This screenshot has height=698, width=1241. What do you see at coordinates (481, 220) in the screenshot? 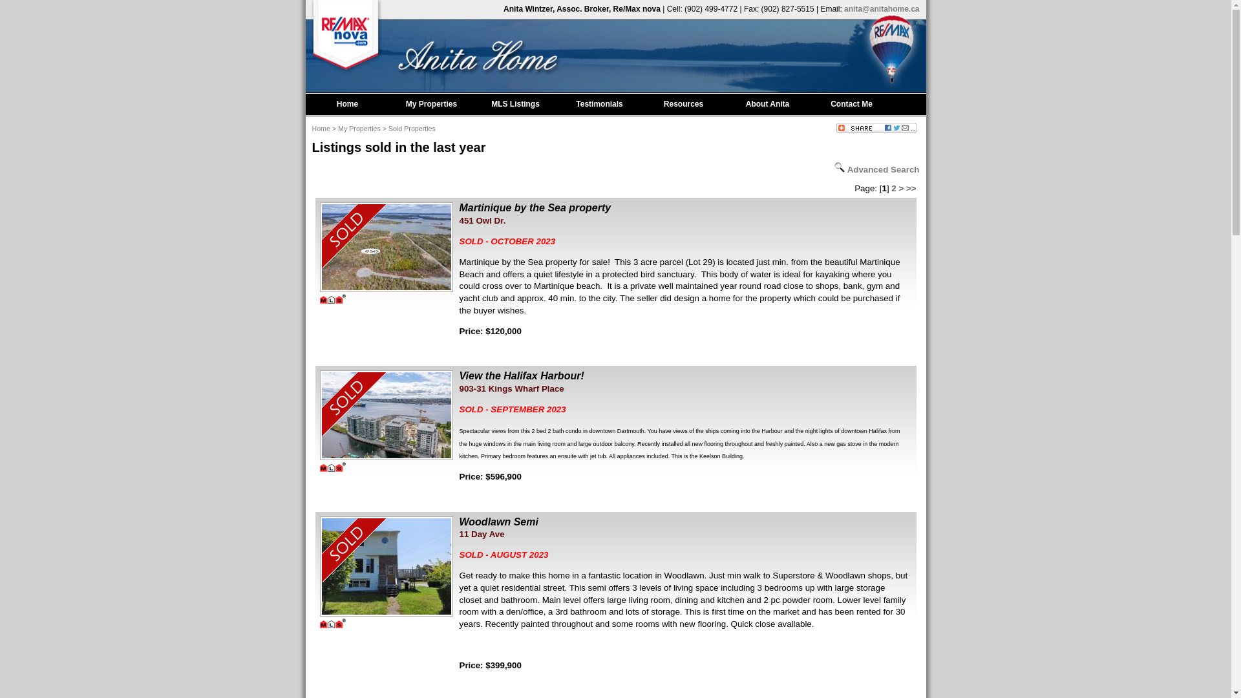
I see `'451 Owl Dr.'` at bounding box center [481, 220].